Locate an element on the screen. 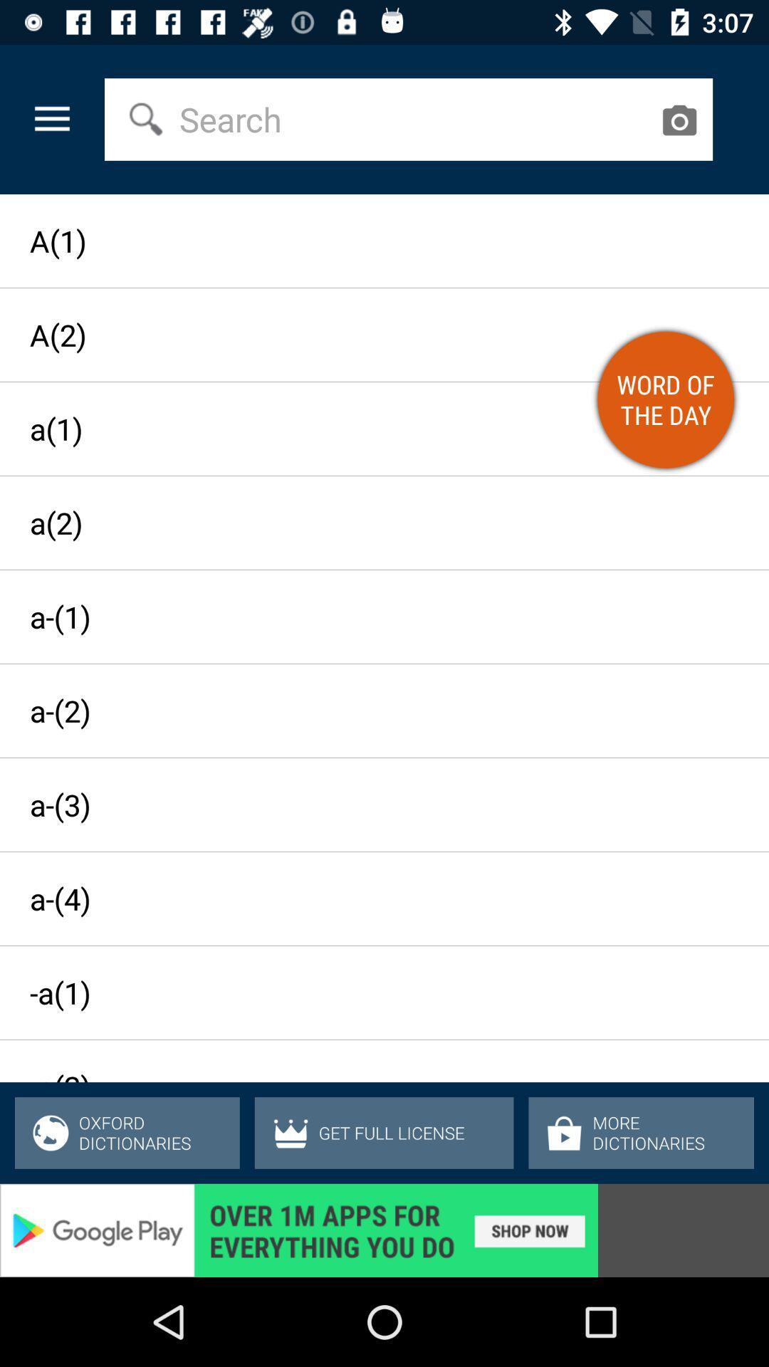  the play store icon which is left to more dictionaries is located at coordinates (564, 1132).